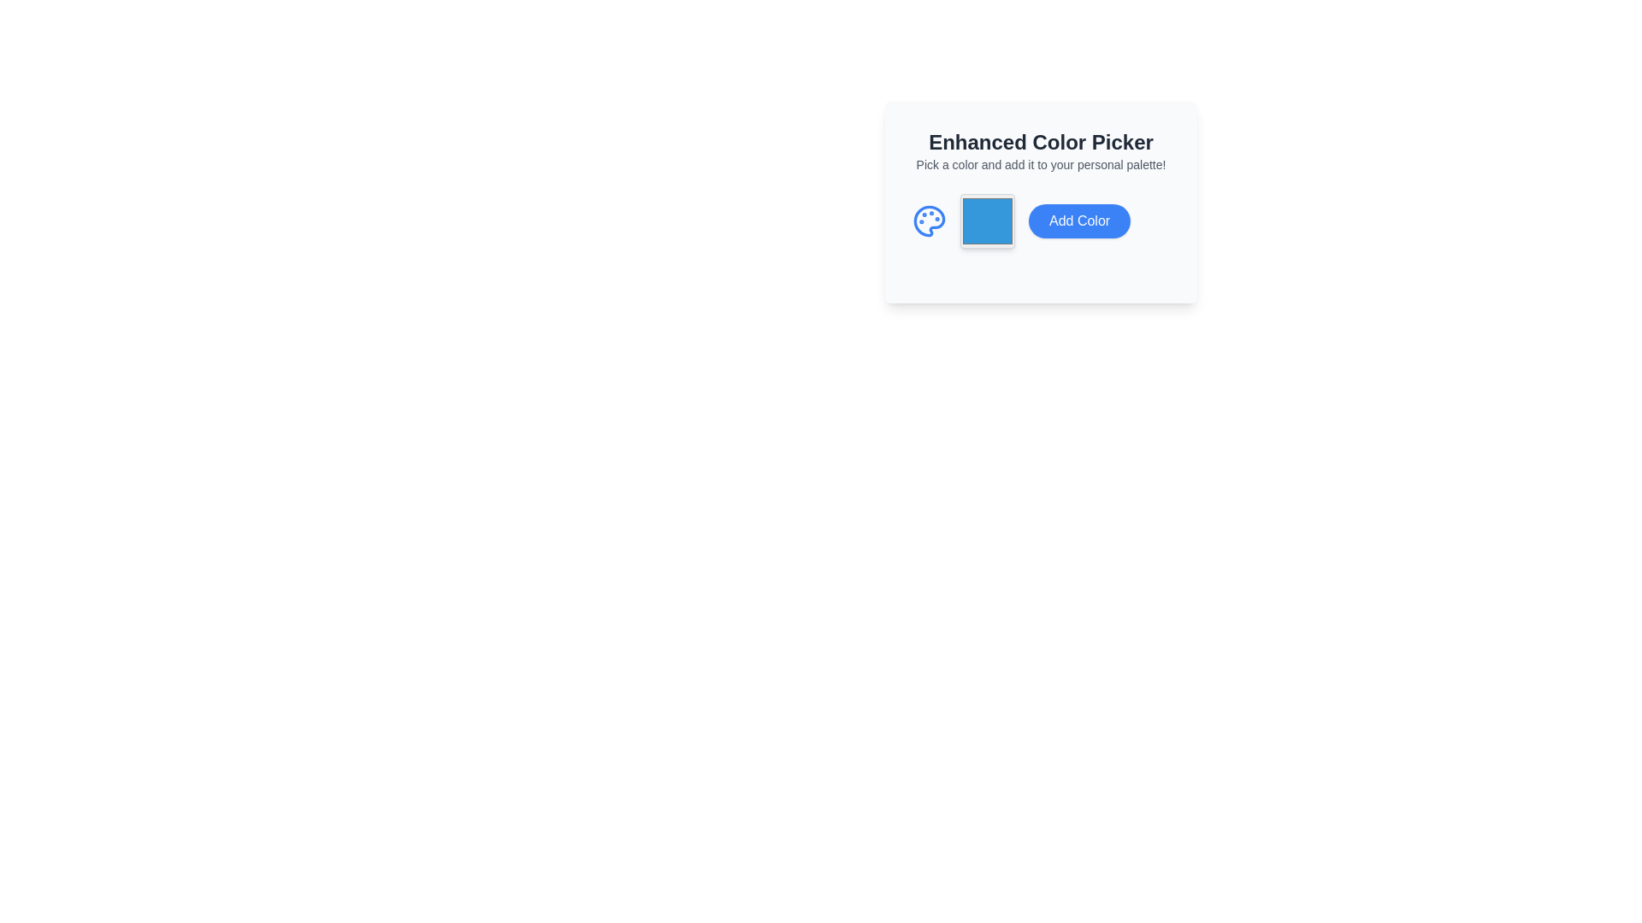 This screenshot has width=1642, height=923. I want to click on the 'Add Color' button, a blue button with rounded corners containing white text, located in the 'Enhanced Color Picker' interface to the right of a color display, so click(1040, 234).